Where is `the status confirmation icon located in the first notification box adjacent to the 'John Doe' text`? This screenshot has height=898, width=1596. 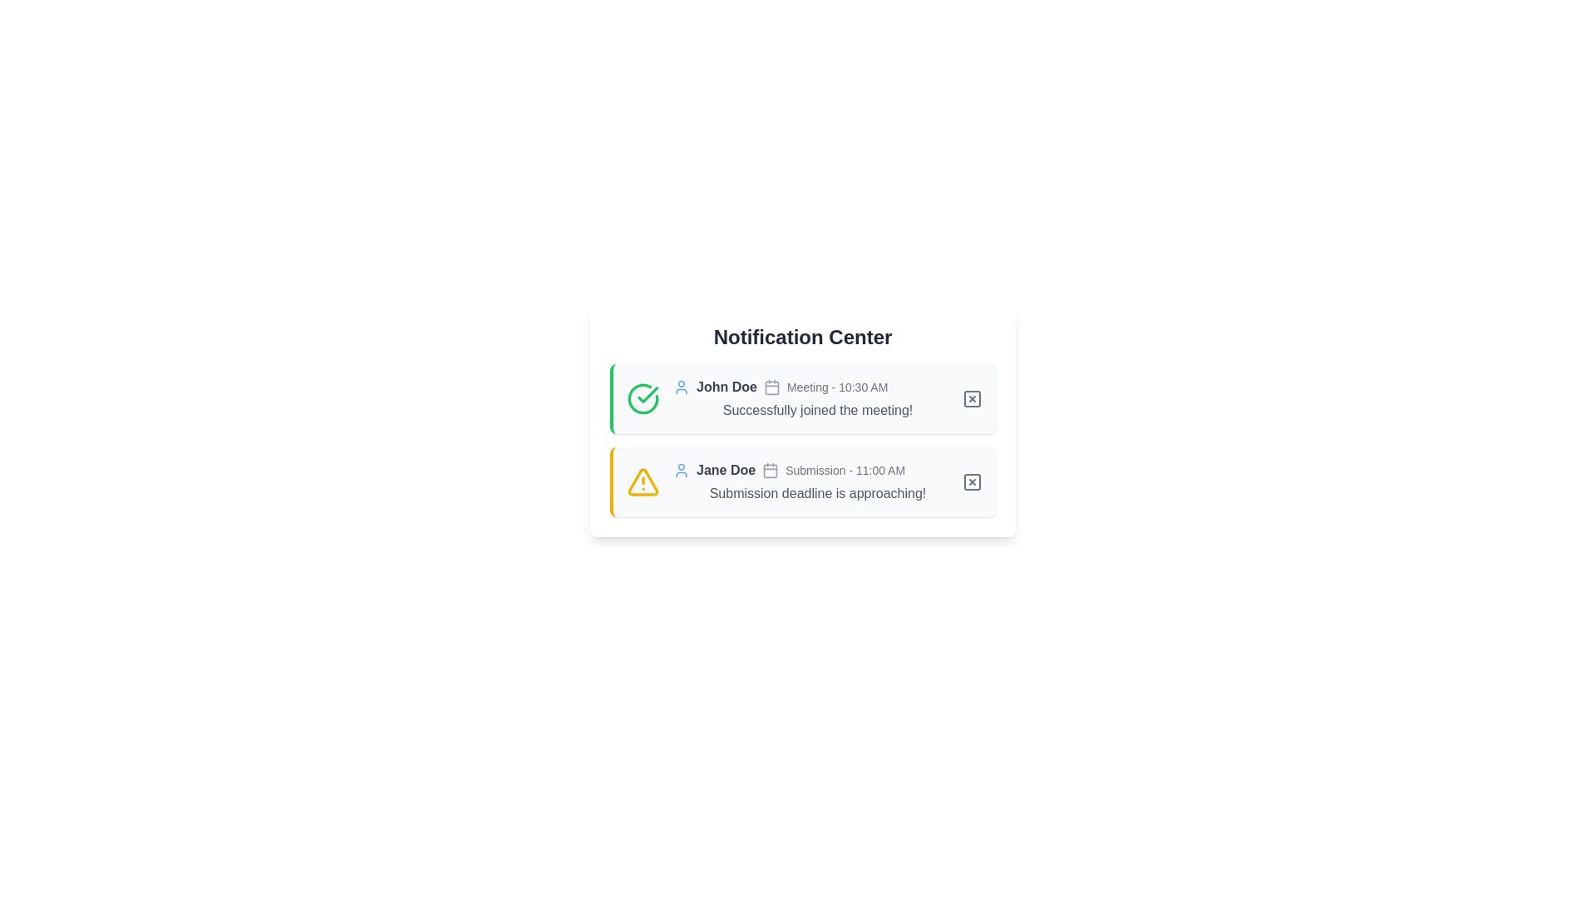 the status confirmation icon located in the first notification box adjacent to the 'John Doe' text is located at coordinates (642, 398).